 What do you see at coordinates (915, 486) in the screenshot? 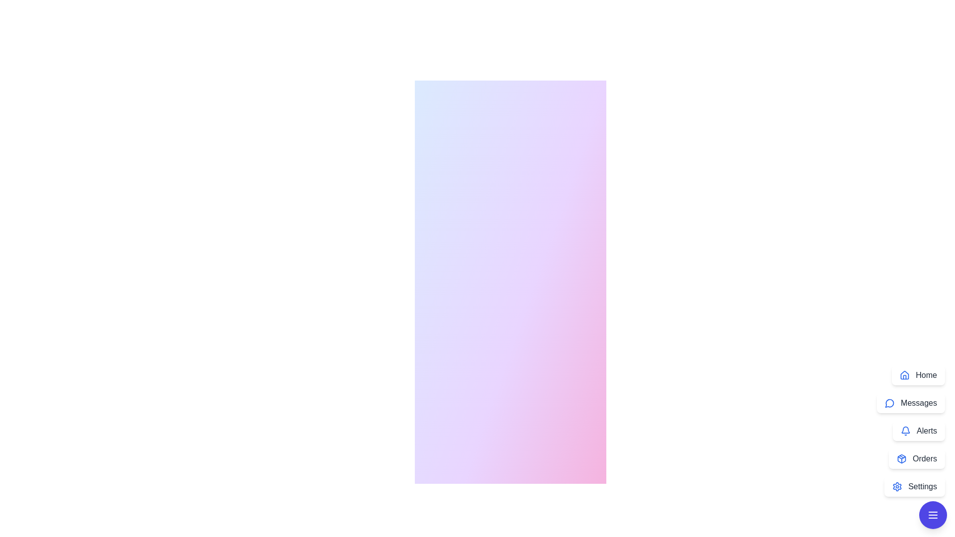
I see `the menu option Settings` at bounding box center [915, 486].